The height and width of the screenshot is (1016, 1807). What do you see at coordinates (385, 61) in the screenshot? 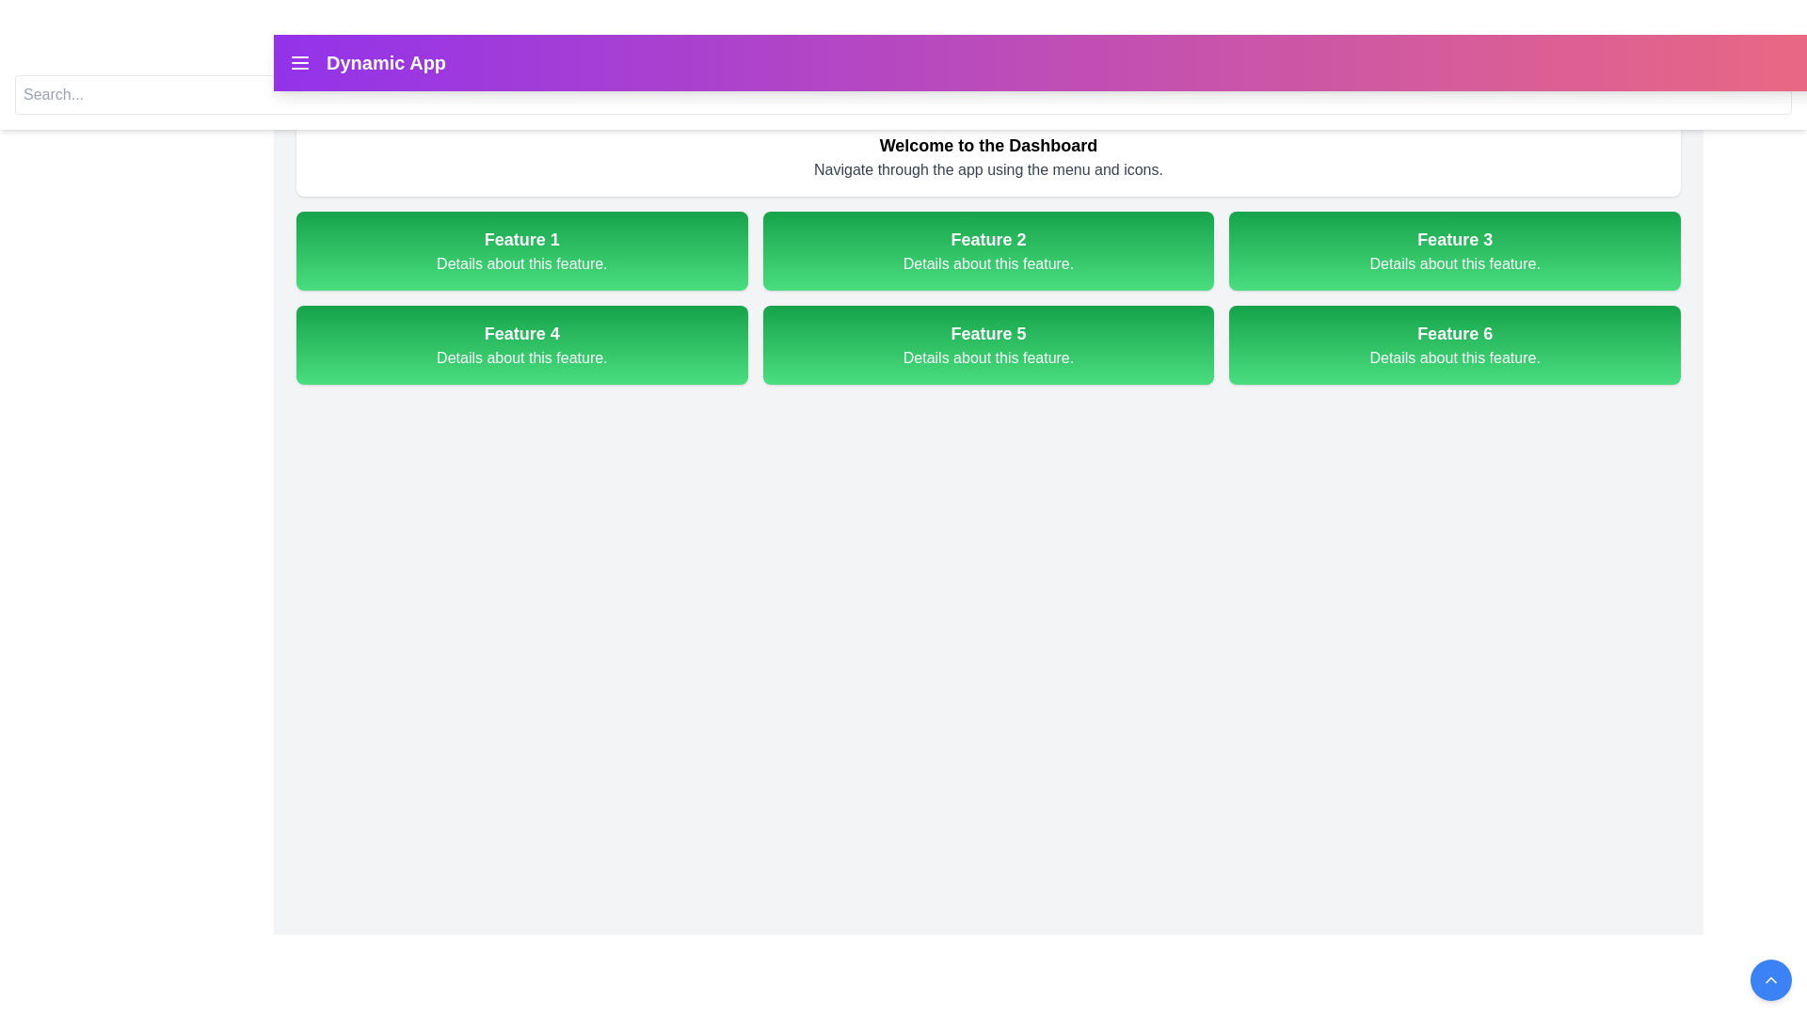
I see `the static text label displaying 'Dynamic App' in bold, large white font located in the purple header bar` at bounding box center [385, 61].